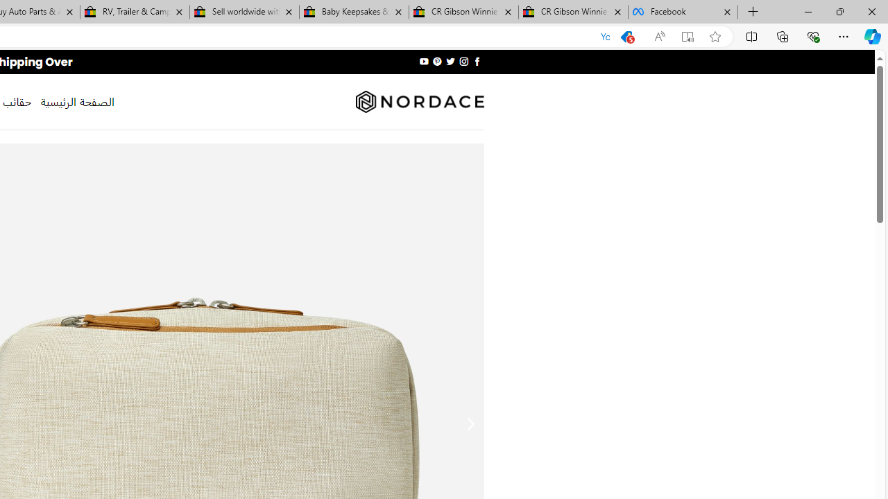  Describe the element at coordinates (354, 12) in the screenshot. I see `'Baby Keepsakes & Announcements for sale | eBay'` at that location.